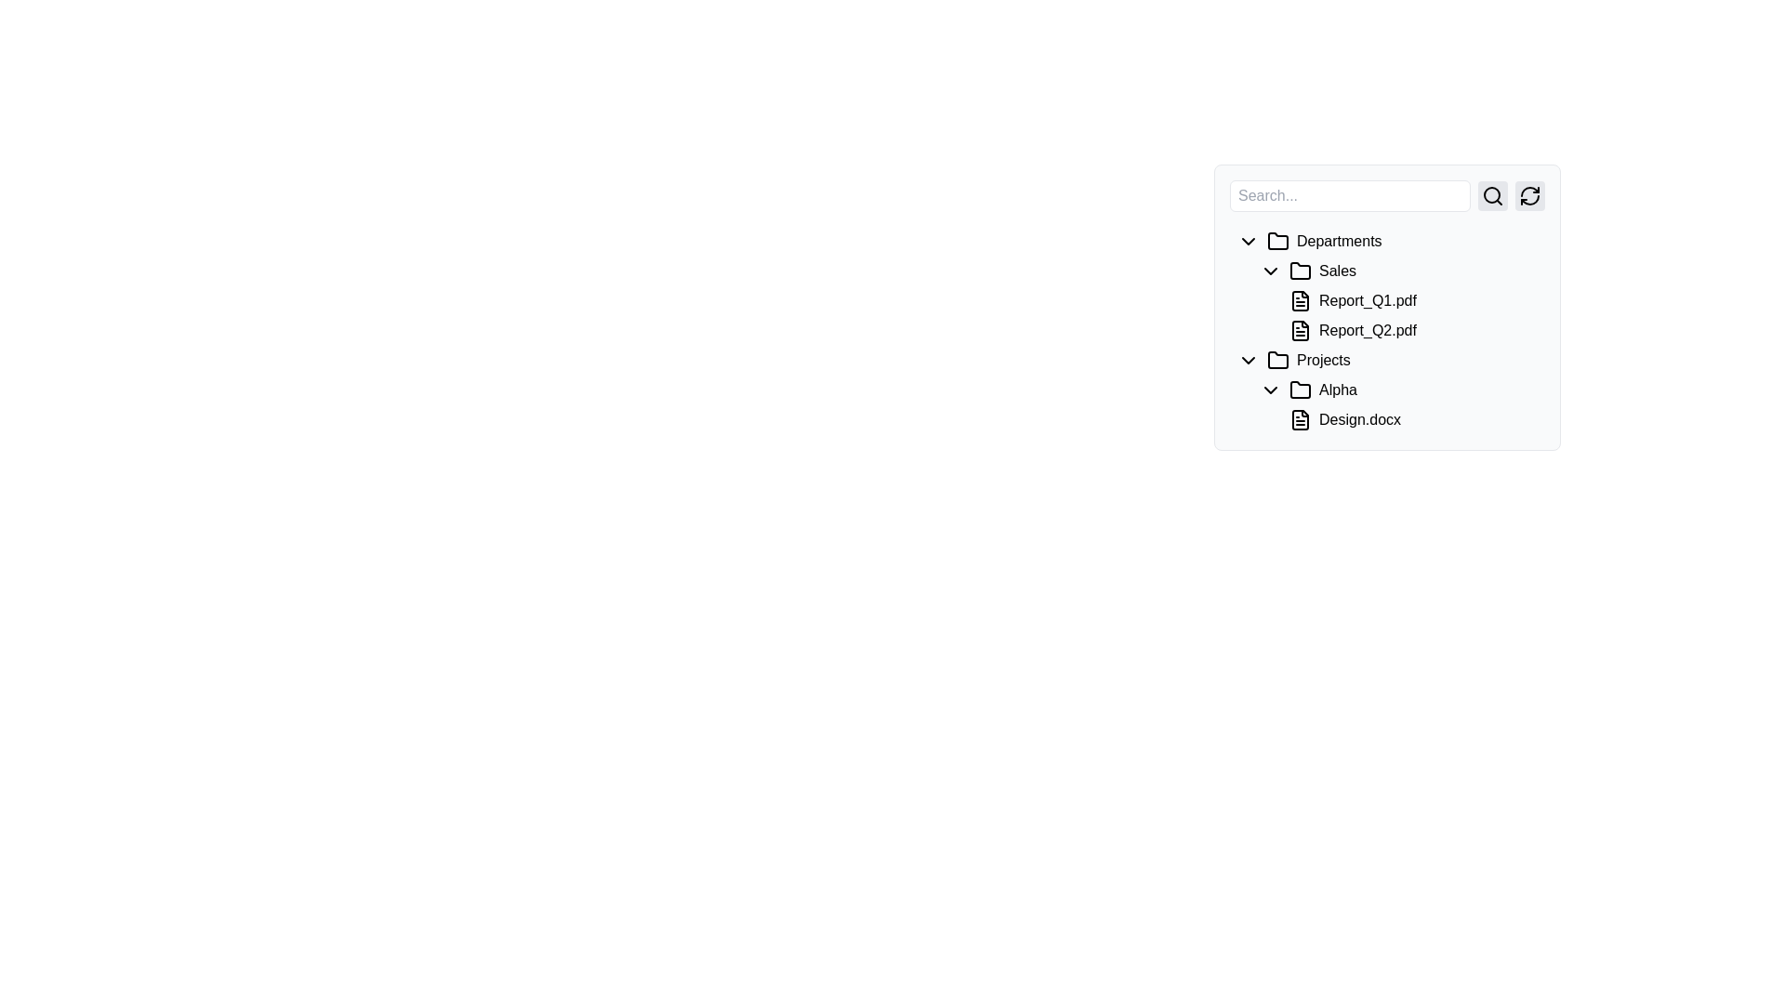 The height and width of the screenshot is (1004, 1785). I want to click on the document icon styled with clean lines and a folded corner, located next to the label 'Design.docx', so click(1299, 419).